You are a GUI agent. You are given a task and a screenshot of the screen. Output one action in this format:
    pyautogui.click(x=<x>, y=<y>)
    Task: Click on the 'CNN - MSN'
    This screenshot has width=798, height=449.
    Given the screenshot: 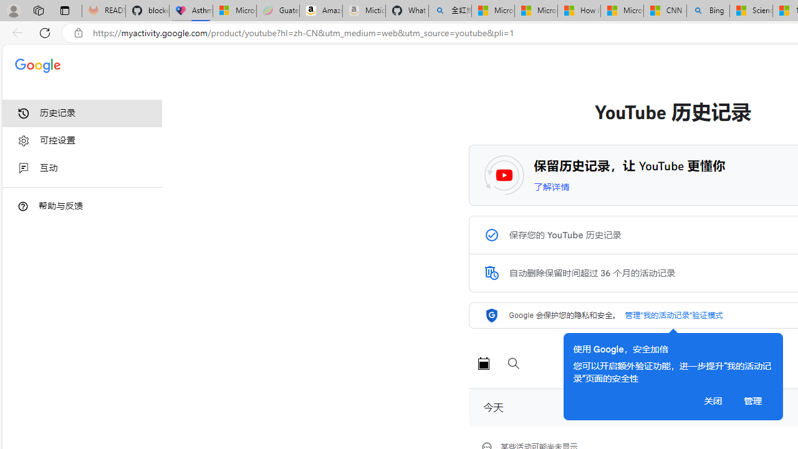 What is the action you would take?
    pyautogui.click(x=664, y=11)
    